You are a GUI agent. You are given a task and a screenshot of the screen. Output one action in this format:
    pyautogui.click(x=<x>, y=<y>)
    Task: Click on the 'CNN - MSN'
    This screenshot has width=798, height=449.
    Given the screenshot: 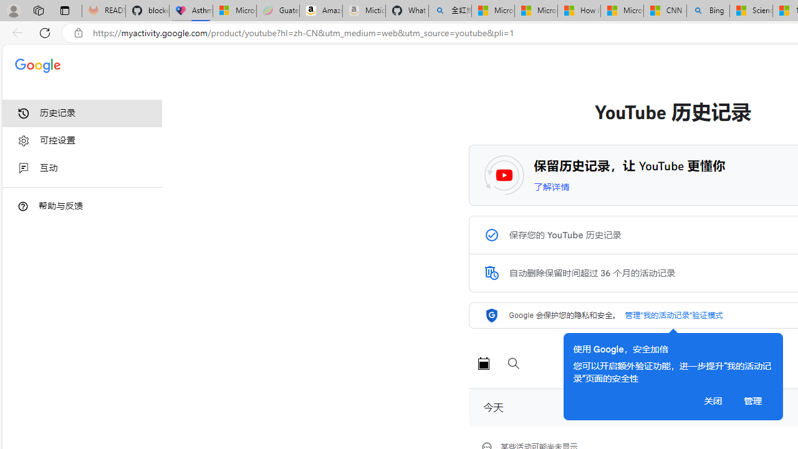 What is the action you would take?
    pyautogui.click(x=664, y=11)
    